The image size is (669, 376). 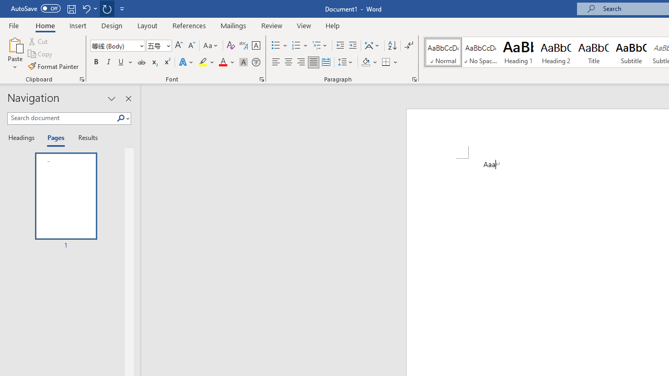 What do you see at coordinates (631, 52) in the screenshot?
I see `'Subtitle'` at bounding box center [631, 52].